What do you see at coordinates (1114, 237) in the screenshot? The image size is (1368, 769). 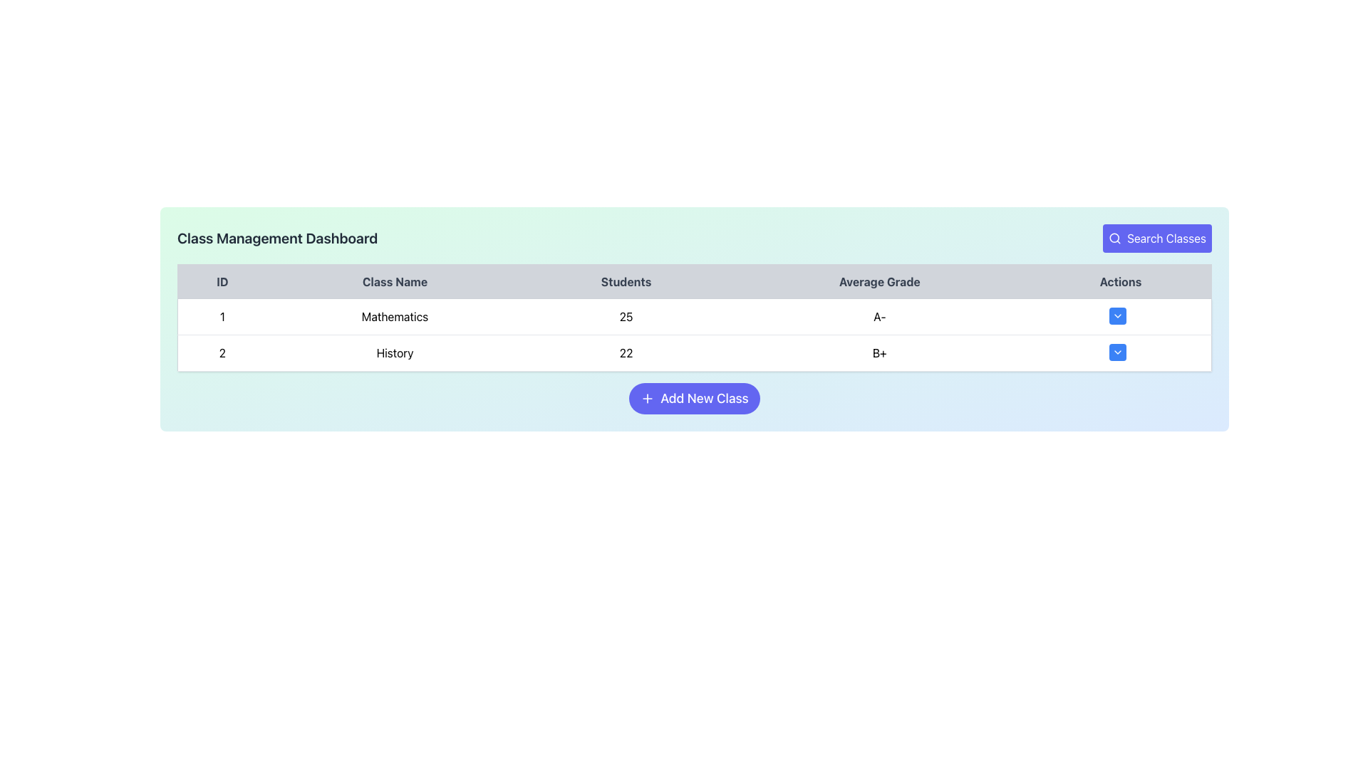 I see `the SVG Circle element at the center of the magnifying glass icon, which is part of the 'Search Classes' button located at the top-right corner of the interface` at bounding box center [1114, 237].